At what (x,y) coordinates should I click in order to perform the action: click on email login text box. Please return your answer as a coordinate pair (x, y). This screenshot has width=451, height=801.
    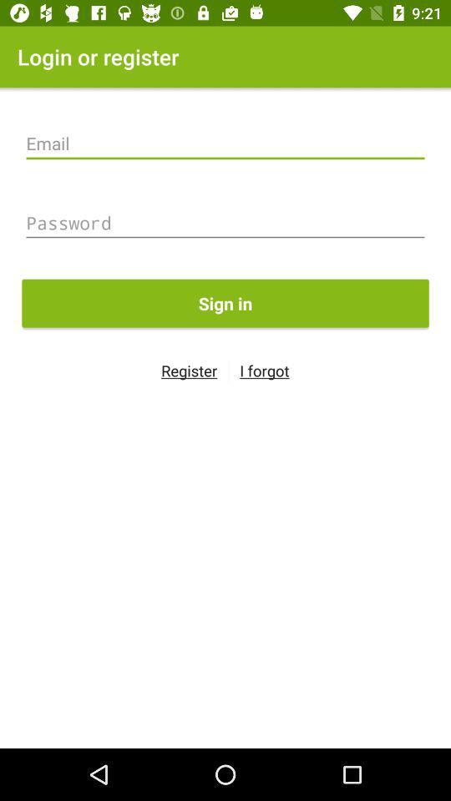
    Looking at the image, I should click on (225, 143).